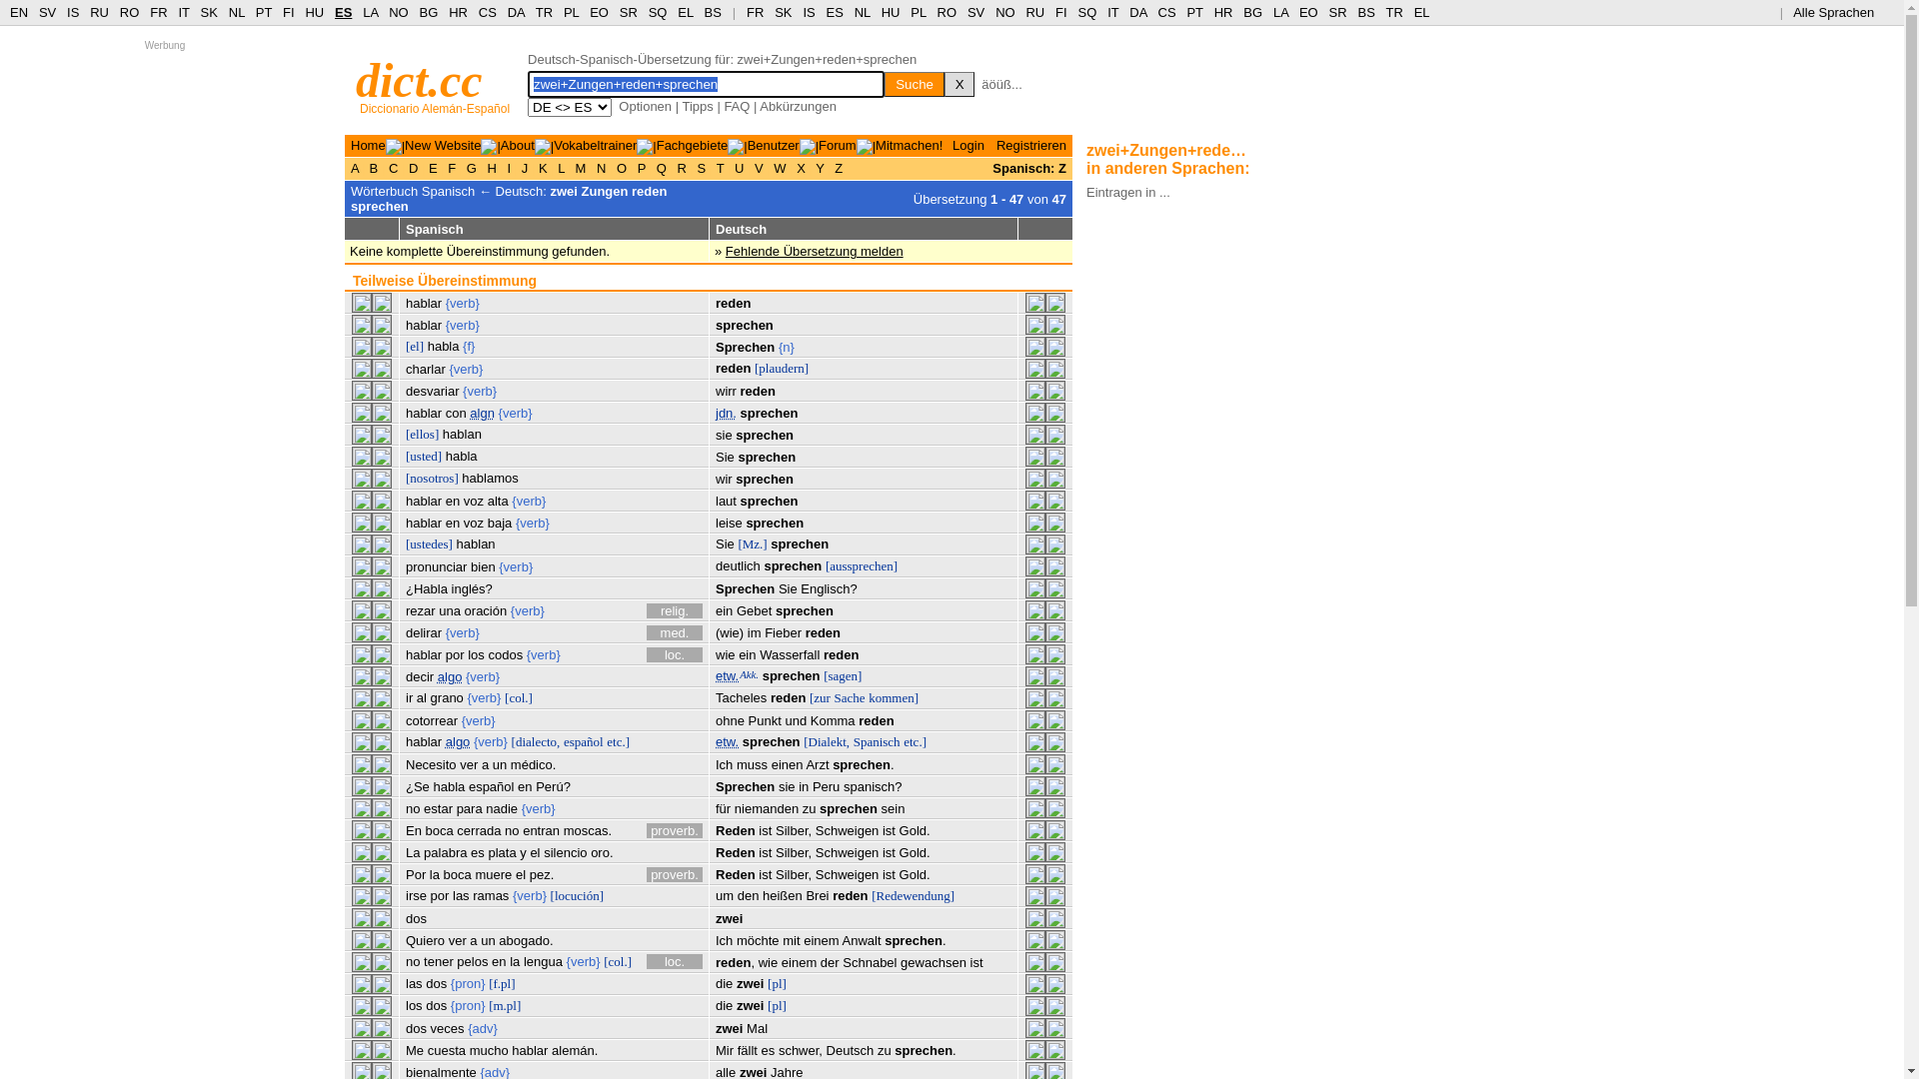  I want to click on 'hablar', so click(529, 1049).